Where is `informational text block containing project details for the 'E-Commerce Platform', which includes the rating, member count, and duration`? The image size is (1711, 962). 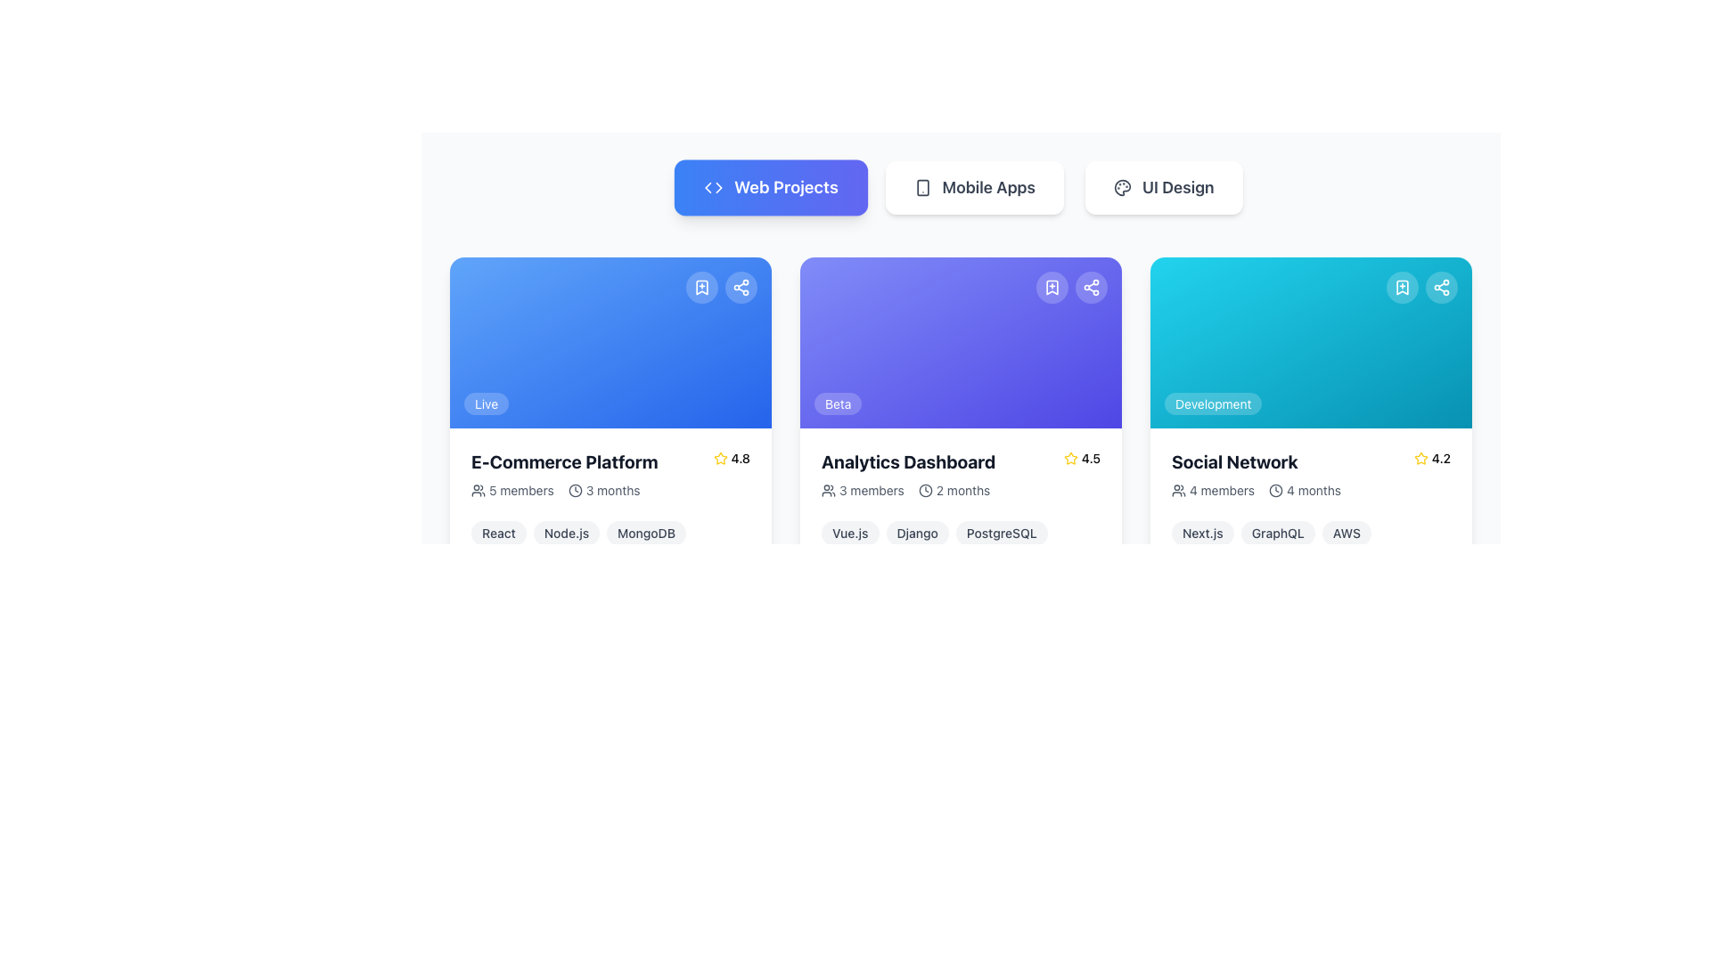 informational text block containing project details for the 'E-Commerce Platform', which includes the rating, member count, and duration is located at coordinates (610, 473).